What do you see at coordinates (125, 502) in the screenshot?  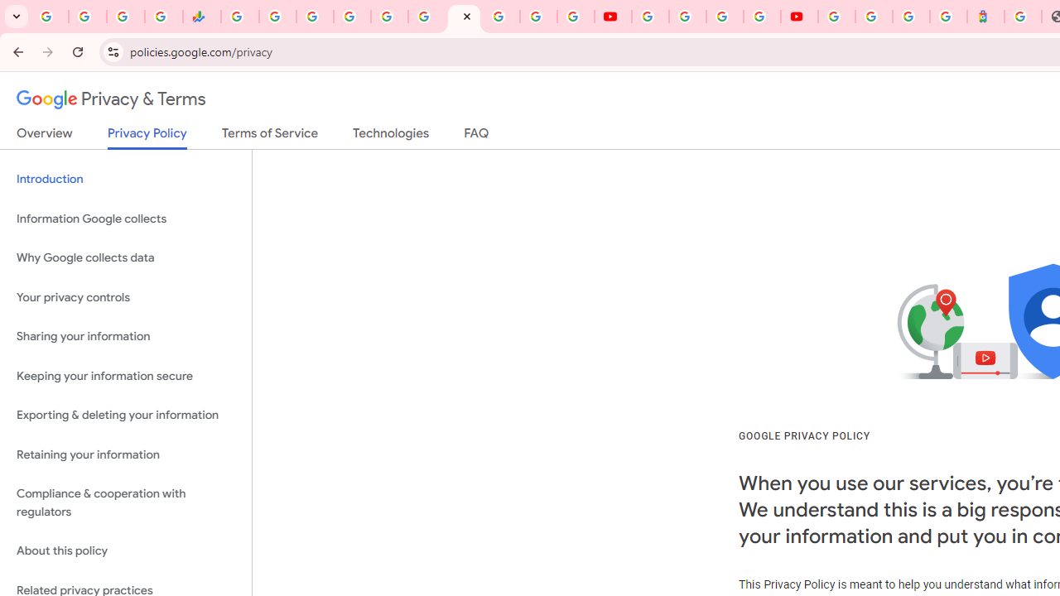 I see `'Compliance & cooperation with regulators'` at bounding box center [125, 502].